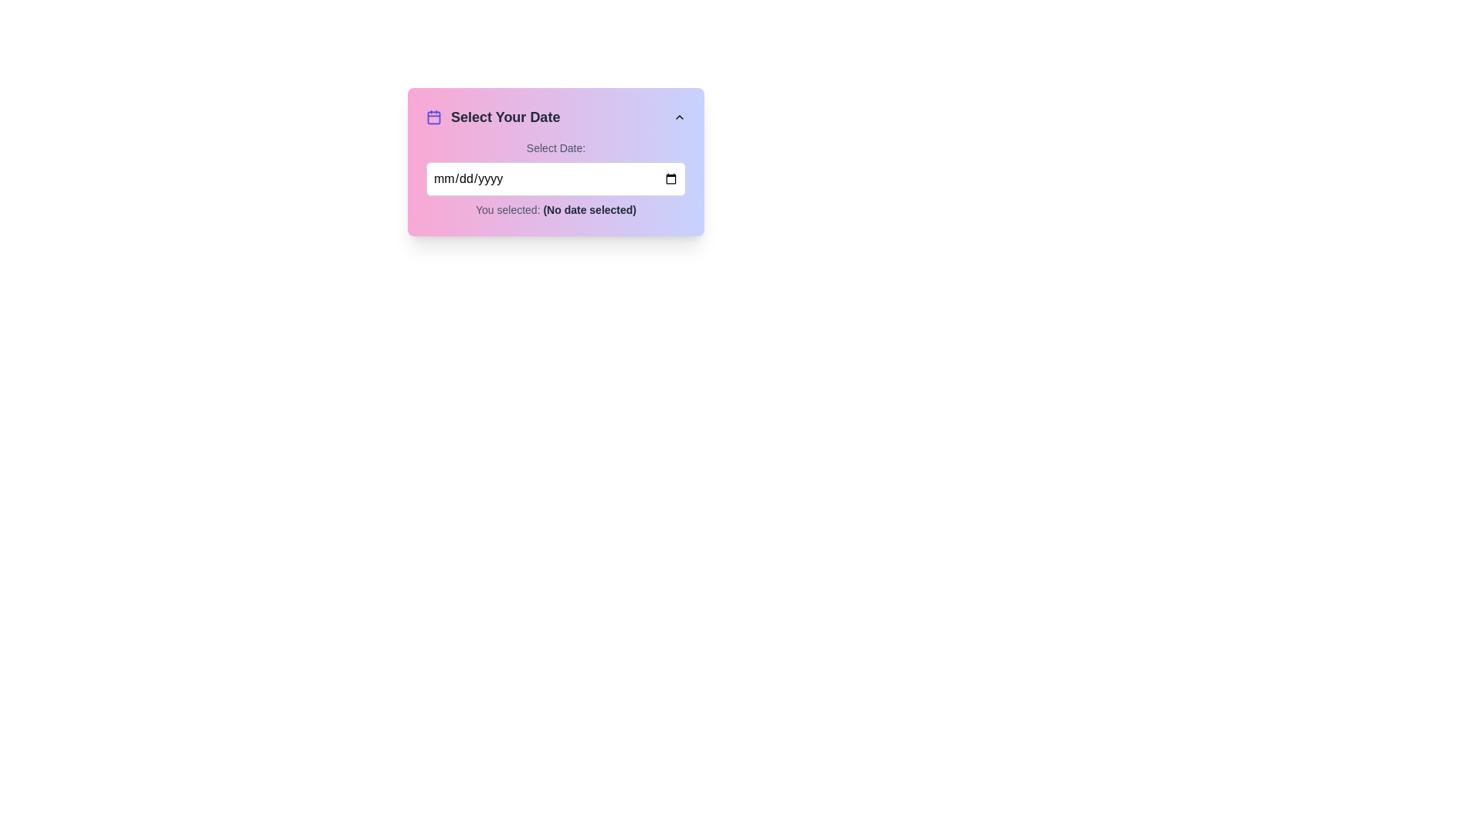 The image size is (1483, 834). What do you see at coordinates (556, 116) in the screenshot?
I see `the heading element that serves as an indicator for the dropdown menu` at bounding box center [556, 116].